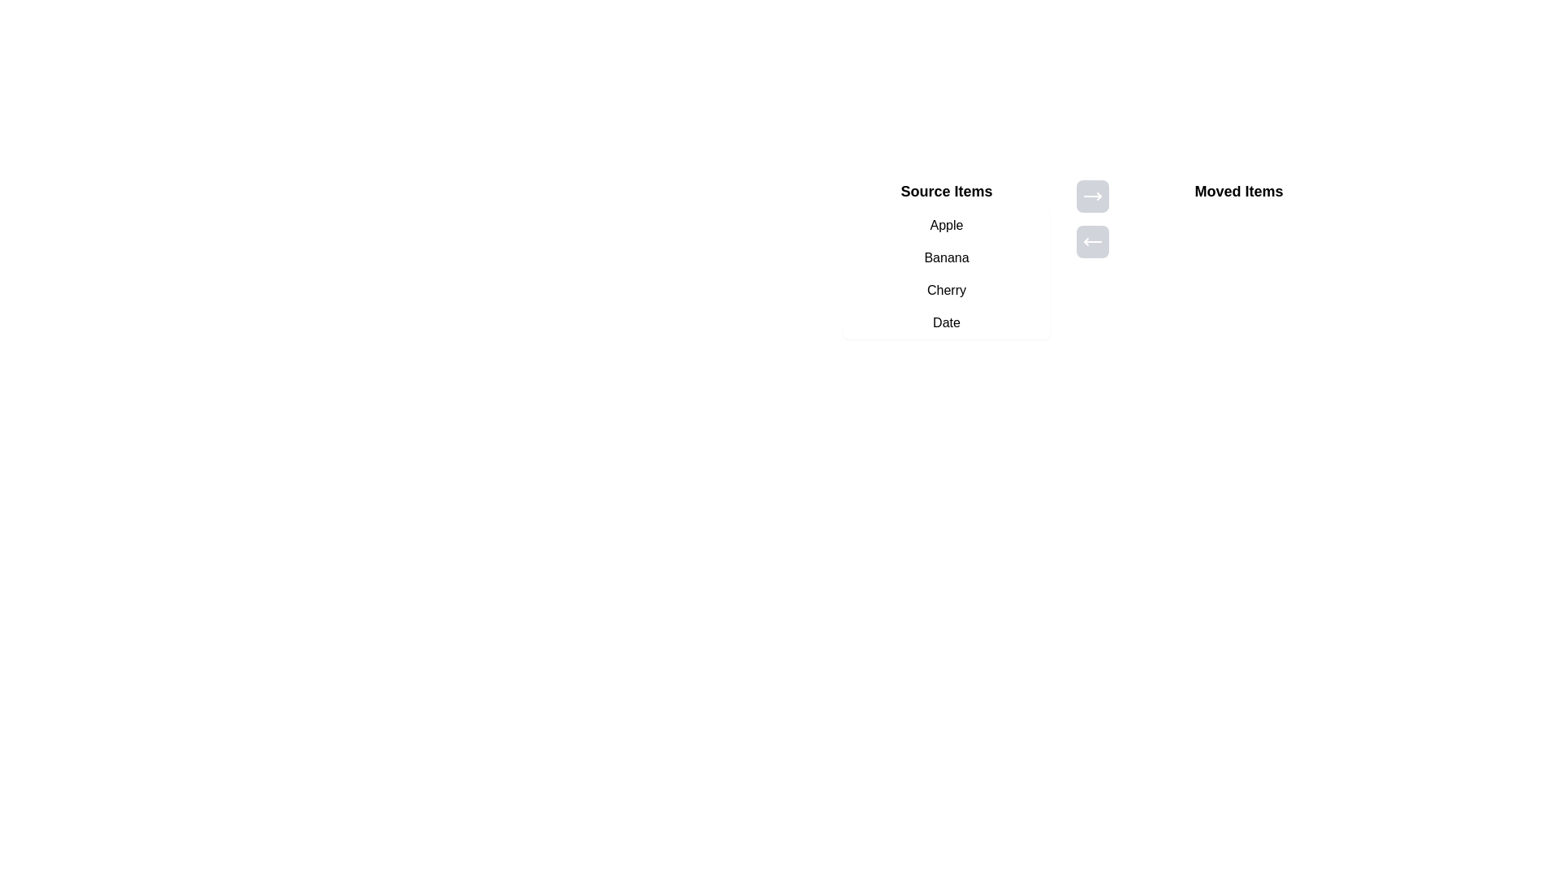 This screenshot has height=877, width=1559. Describe the element at coordinates (1092, 219) in the screenshot. I see `the bottom button of the composite element containing two vertically stacked buttons, which has an arrow icon pointing left, to move items to the left` at that location.